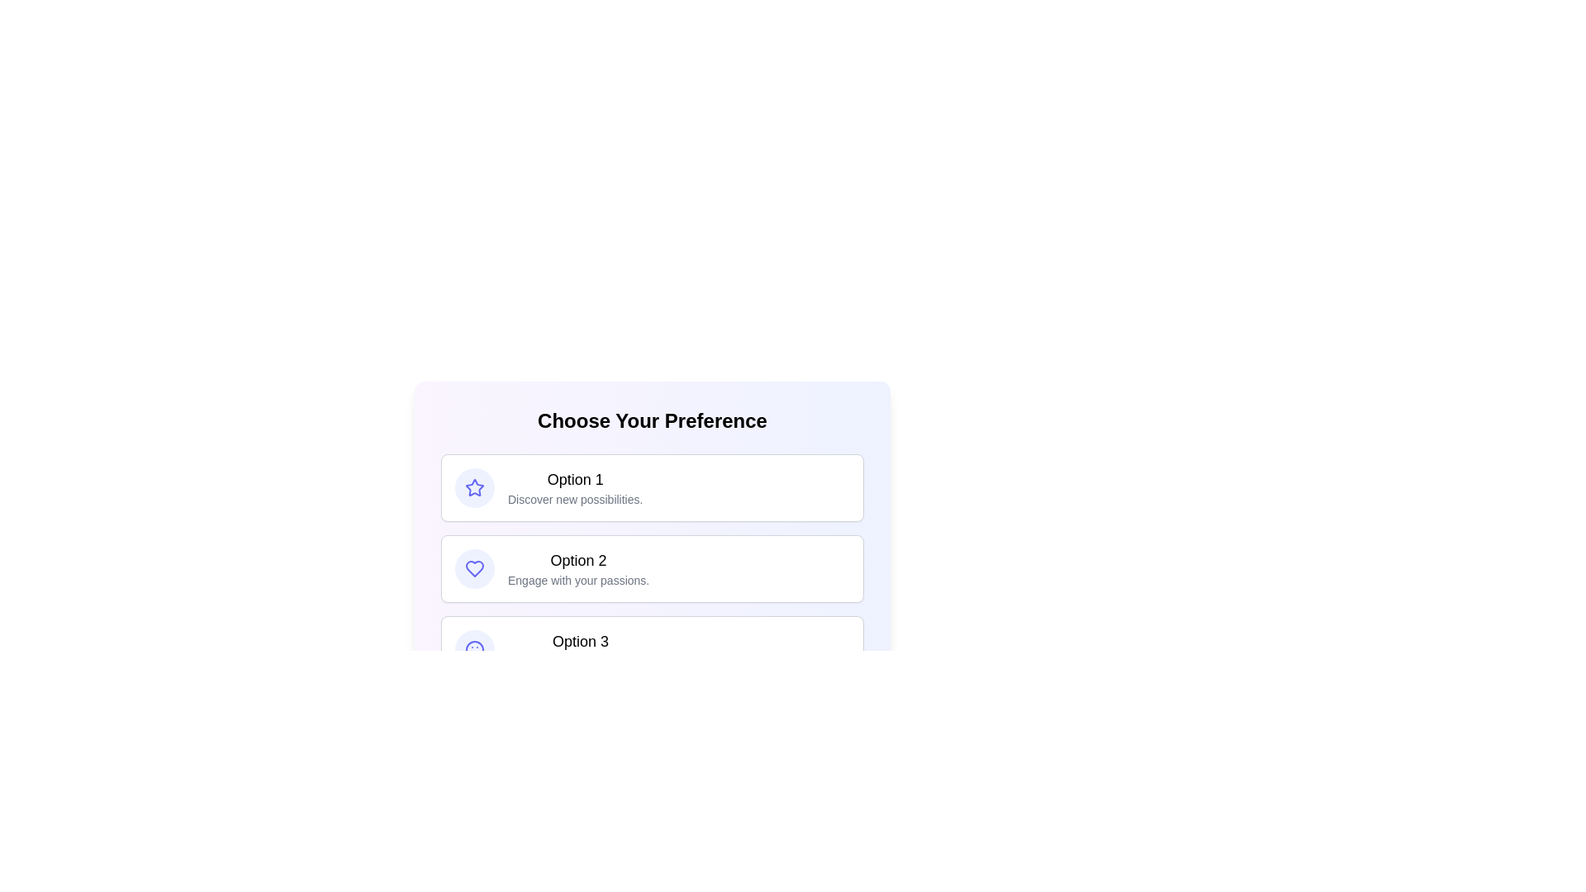  Describe the element at coordinates (575, 480) in the screenshot. I see `the 'Option 1' text label` at that location.